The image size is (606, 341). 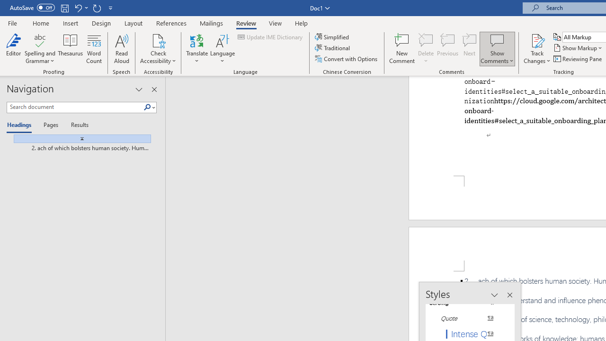 I want to click on 'View', so click(x=275, y=23).